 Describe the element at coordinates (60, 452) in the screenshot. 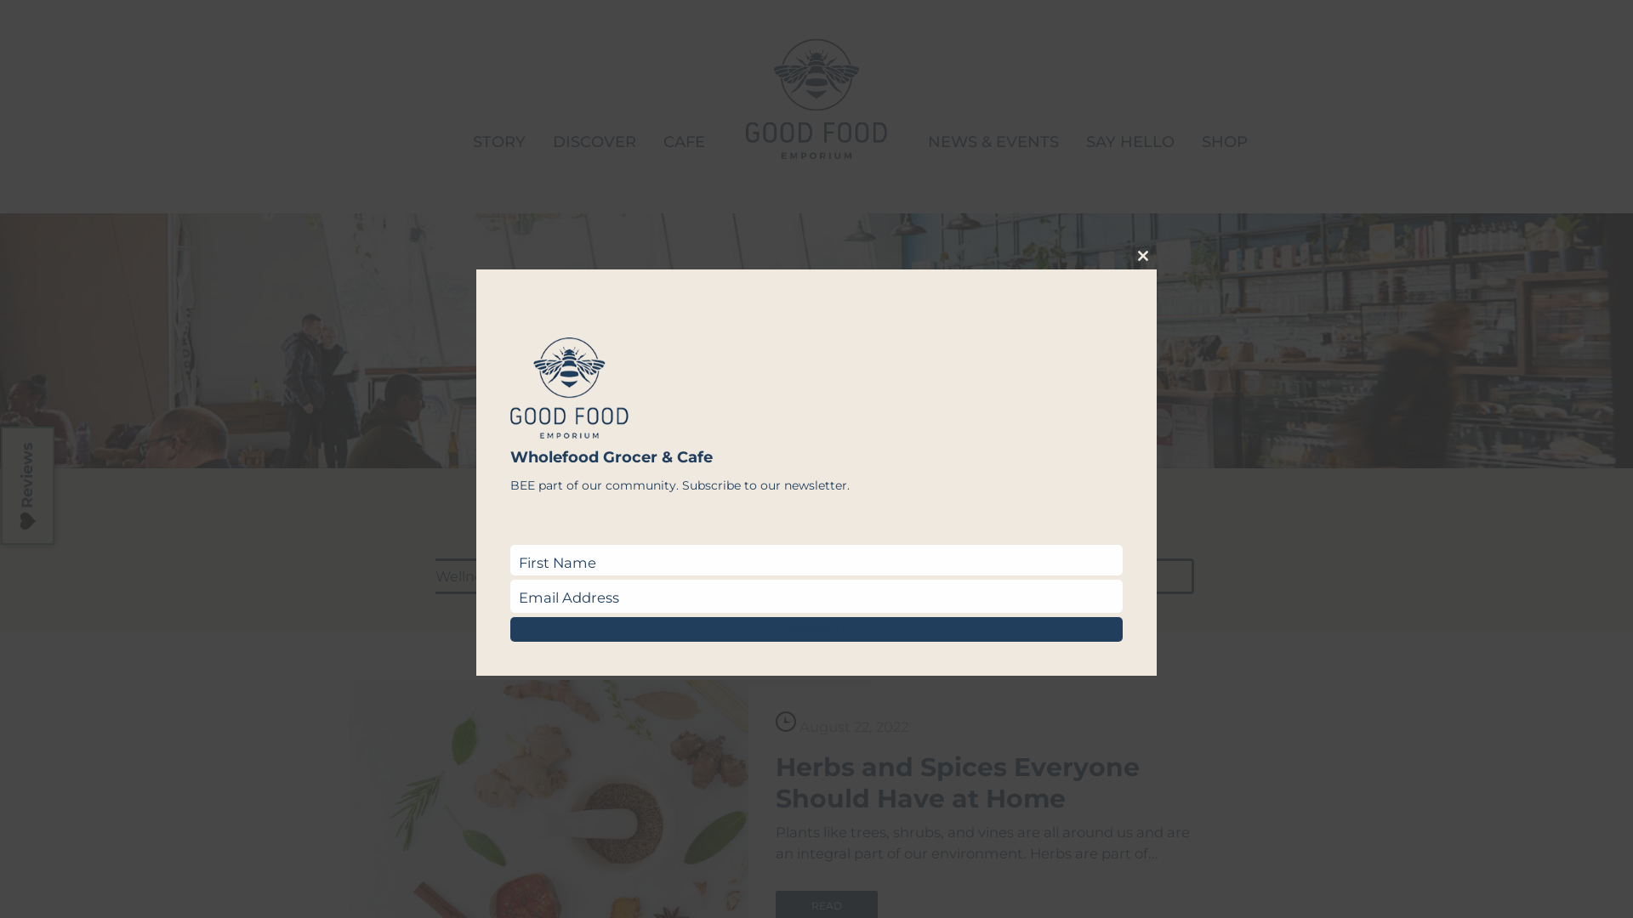

I see `'Reviews'` at that location.